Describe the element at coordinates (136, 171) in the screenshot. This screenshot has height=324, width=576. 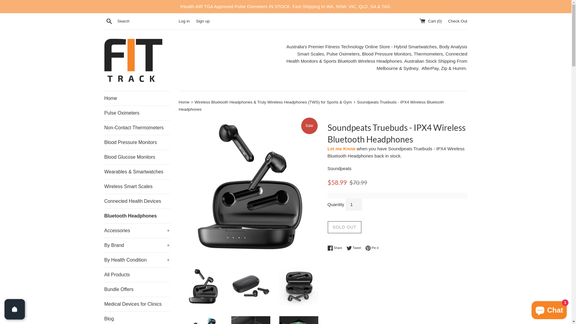
I see `'Wearables & Smartwatches'` at that location.